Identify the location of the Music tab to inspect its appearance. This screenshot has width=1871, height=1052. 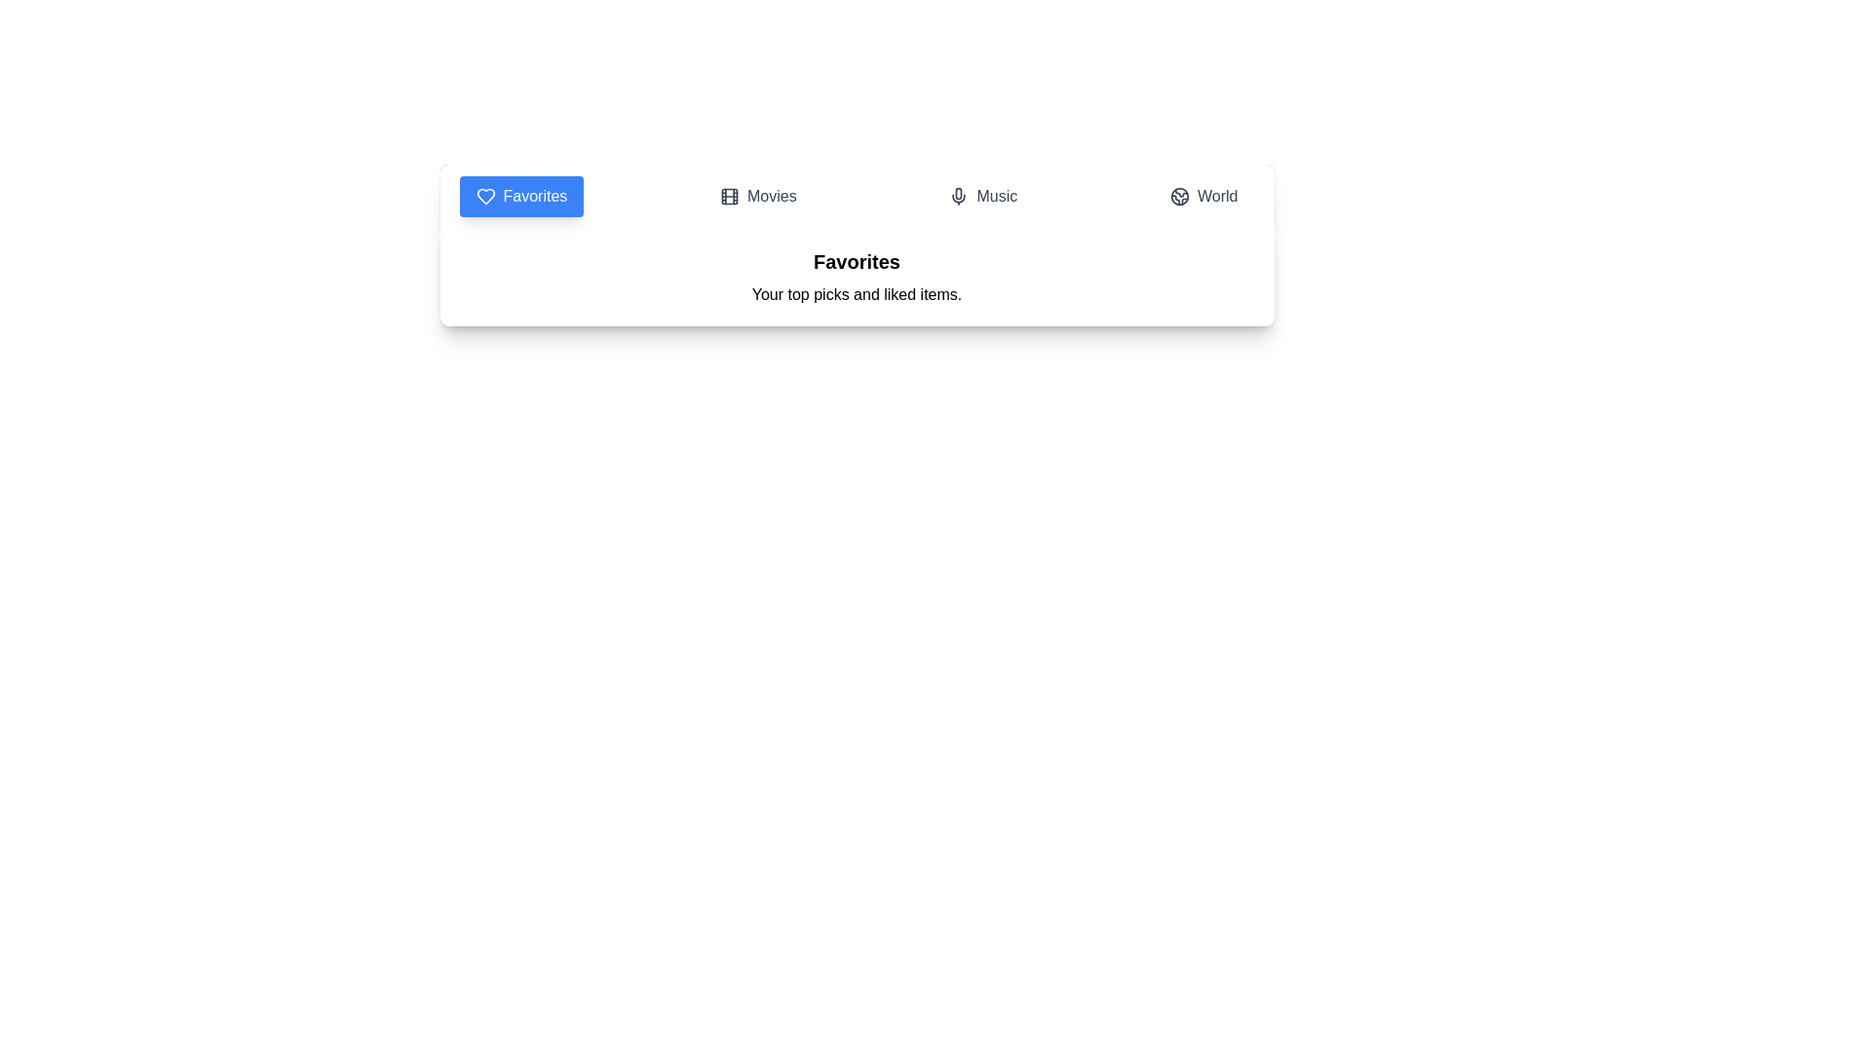
(982, 196).